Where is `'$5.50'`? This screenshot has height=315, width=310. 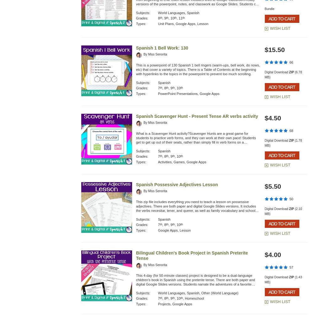
'$5.50' is located at coordinates (272, 186).